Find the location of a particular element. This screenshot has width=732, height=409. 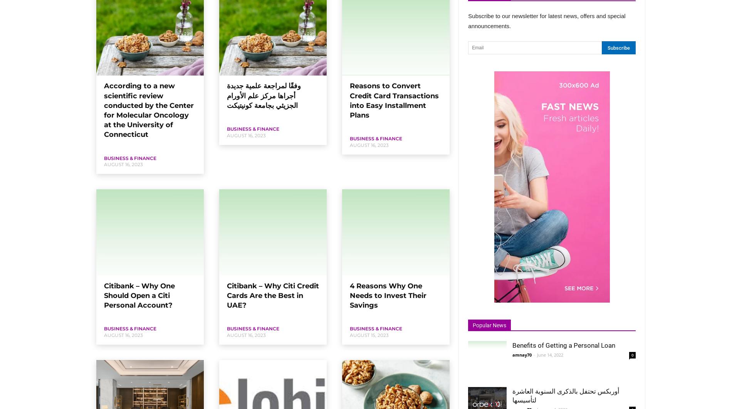

'Reasons to Convert Credit Card Transactions into Easy Installment Plans' is located at coordinates (349, 100).